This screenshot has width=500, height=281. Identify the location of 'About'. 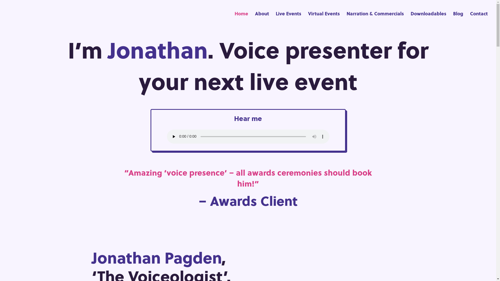
(262, 19).